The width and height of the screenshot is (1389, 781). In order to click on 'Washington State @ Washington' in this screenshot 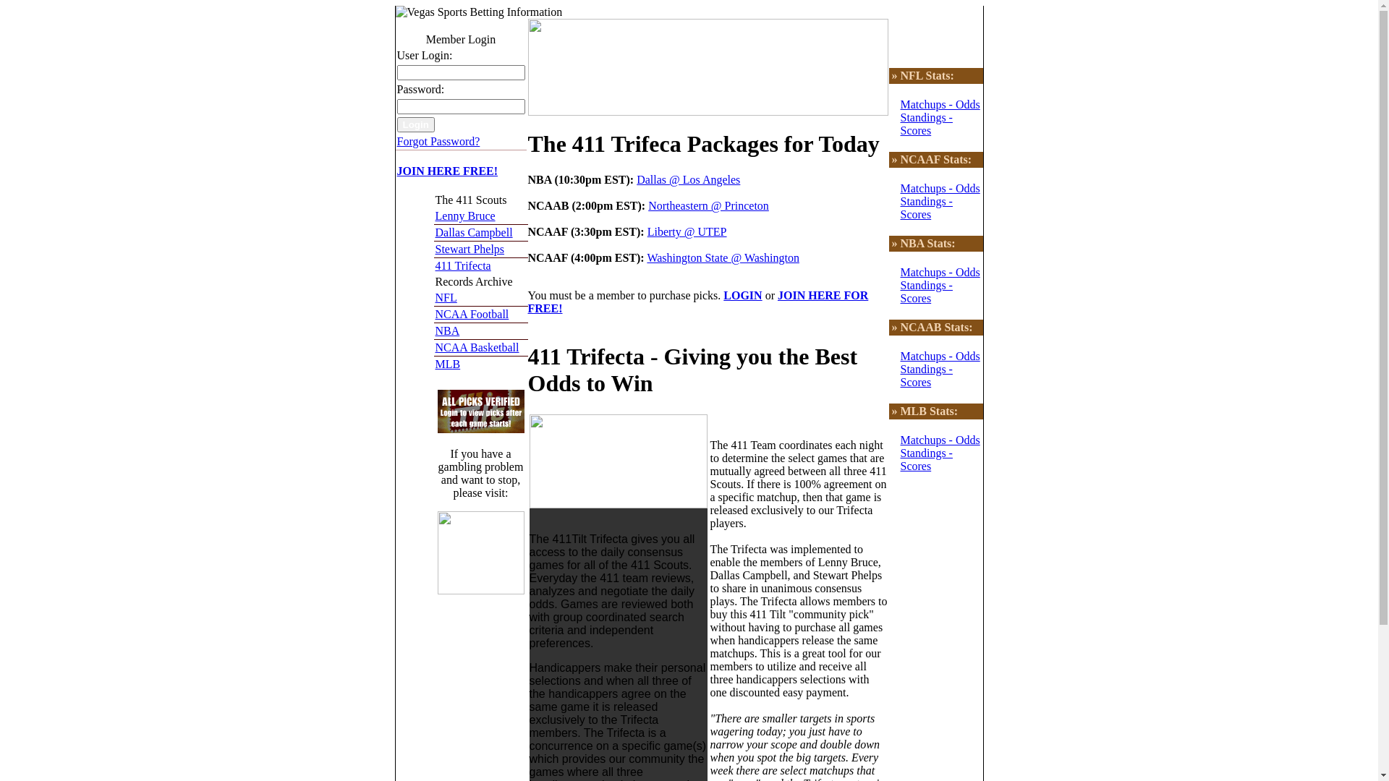, I will do `click(723, 257)`.